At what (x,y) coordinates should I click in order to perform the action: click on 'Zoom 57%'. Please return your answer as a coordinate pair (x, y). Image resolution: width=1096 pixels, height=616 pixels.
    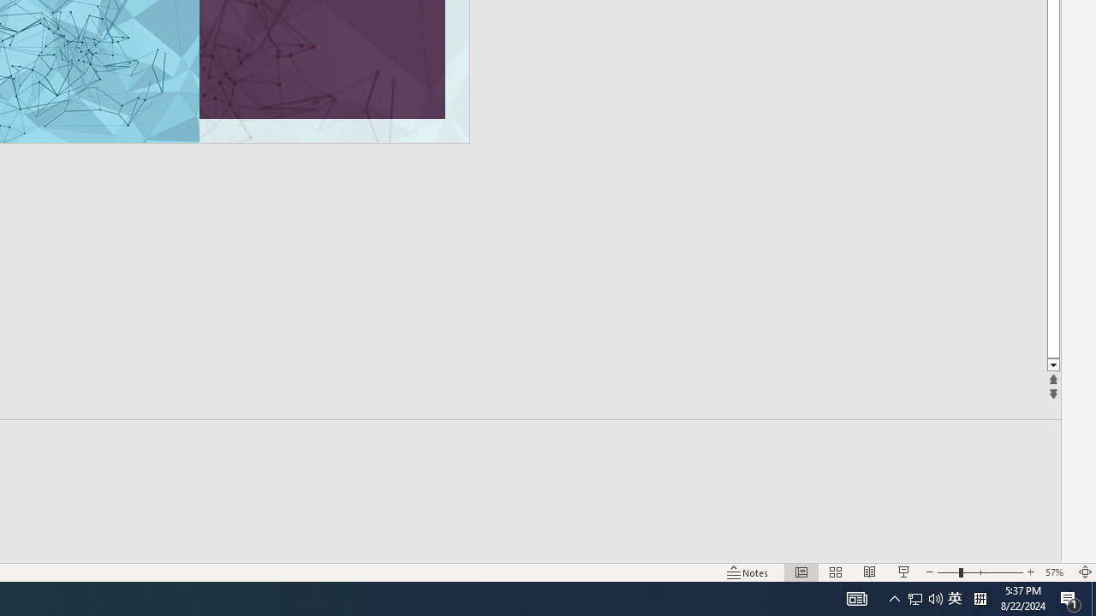
    Looking at the image, I should click on (1056, 572).